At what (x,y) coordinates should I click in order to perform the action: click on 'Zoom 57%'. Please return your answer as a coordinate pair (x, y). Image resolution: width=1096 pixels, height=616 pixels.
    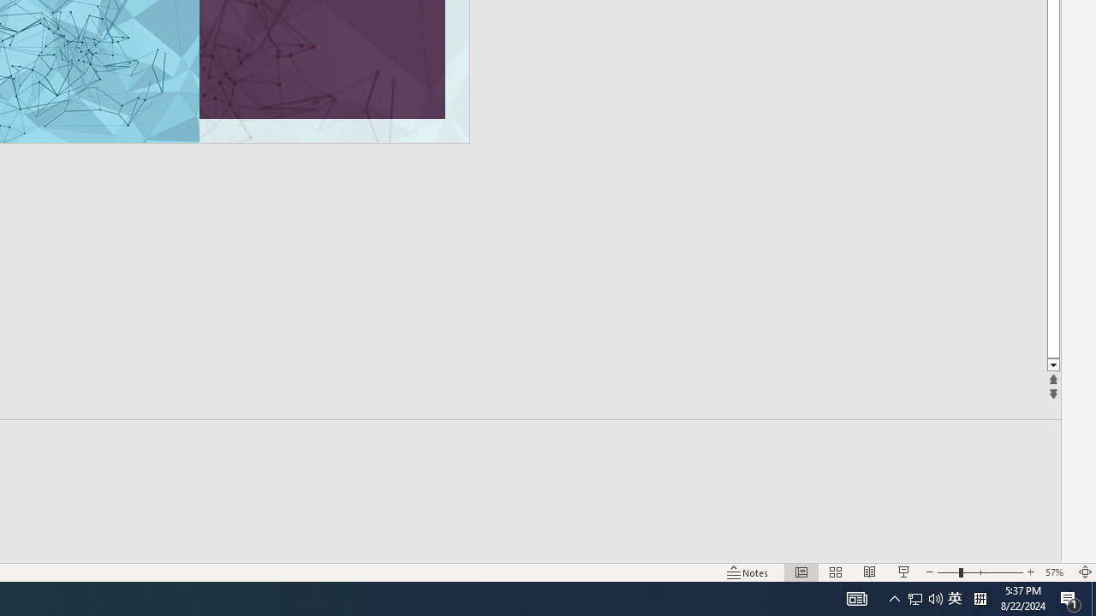
    Looking at the image, I should click on (1056, 572).